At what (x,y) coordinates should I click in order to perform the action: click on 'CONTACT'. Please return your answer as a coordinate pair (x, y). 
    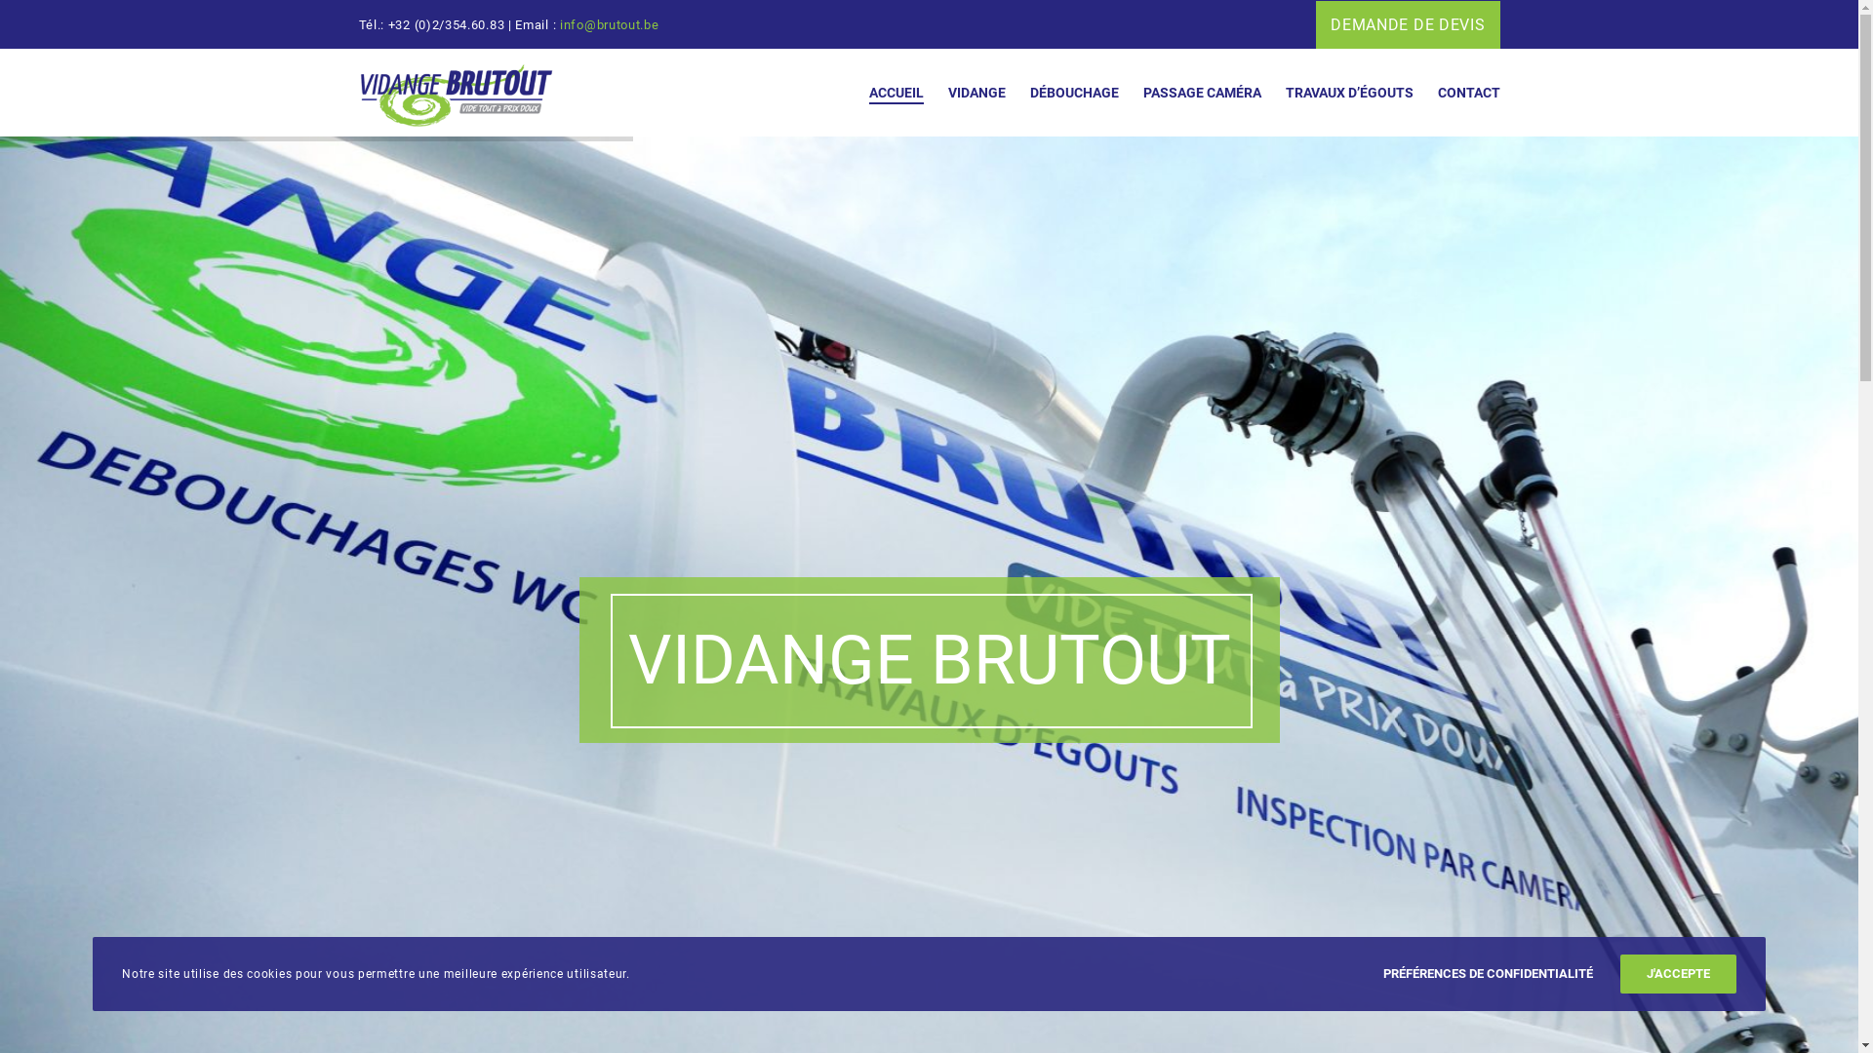
    Looking at the image, I should click on (1455, 93).